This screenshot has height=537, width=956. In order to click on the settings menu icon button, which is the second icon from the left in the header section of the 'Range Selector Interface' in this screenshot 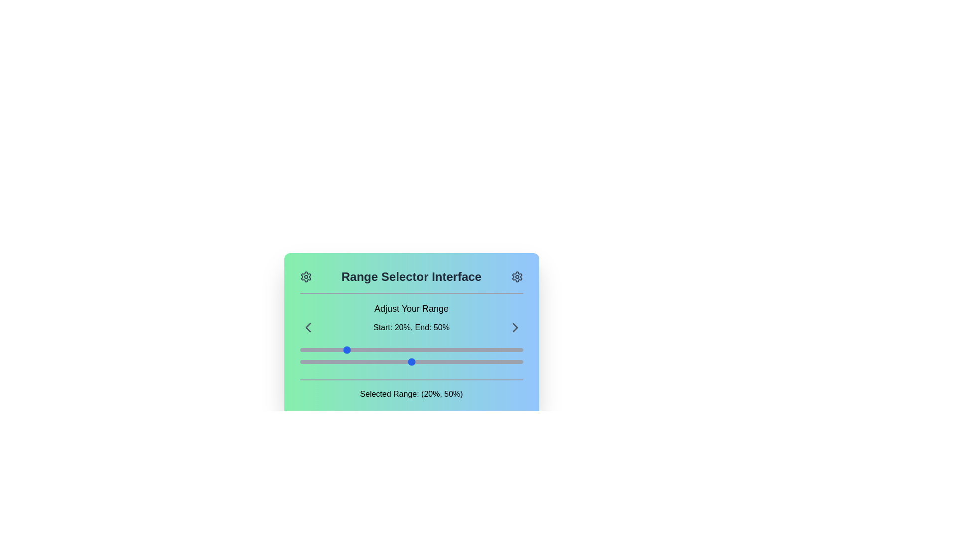, I will do `click(305, 276)`.